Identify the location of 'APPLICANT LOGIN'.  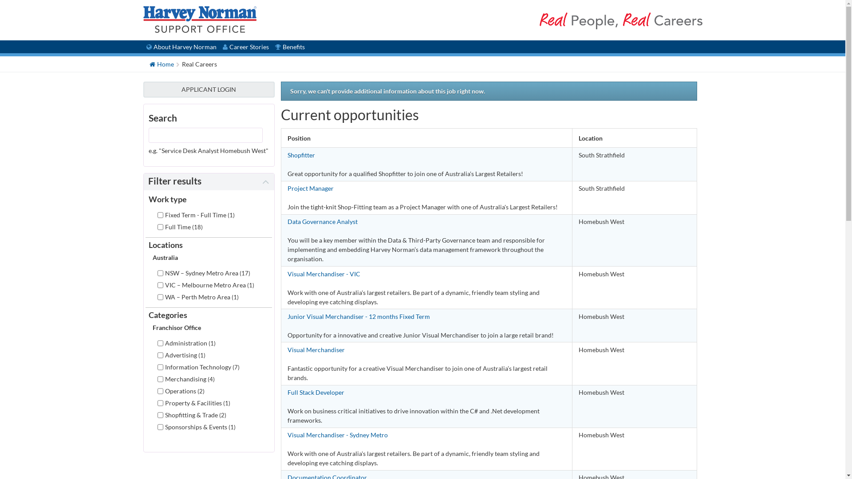
(208, 89).